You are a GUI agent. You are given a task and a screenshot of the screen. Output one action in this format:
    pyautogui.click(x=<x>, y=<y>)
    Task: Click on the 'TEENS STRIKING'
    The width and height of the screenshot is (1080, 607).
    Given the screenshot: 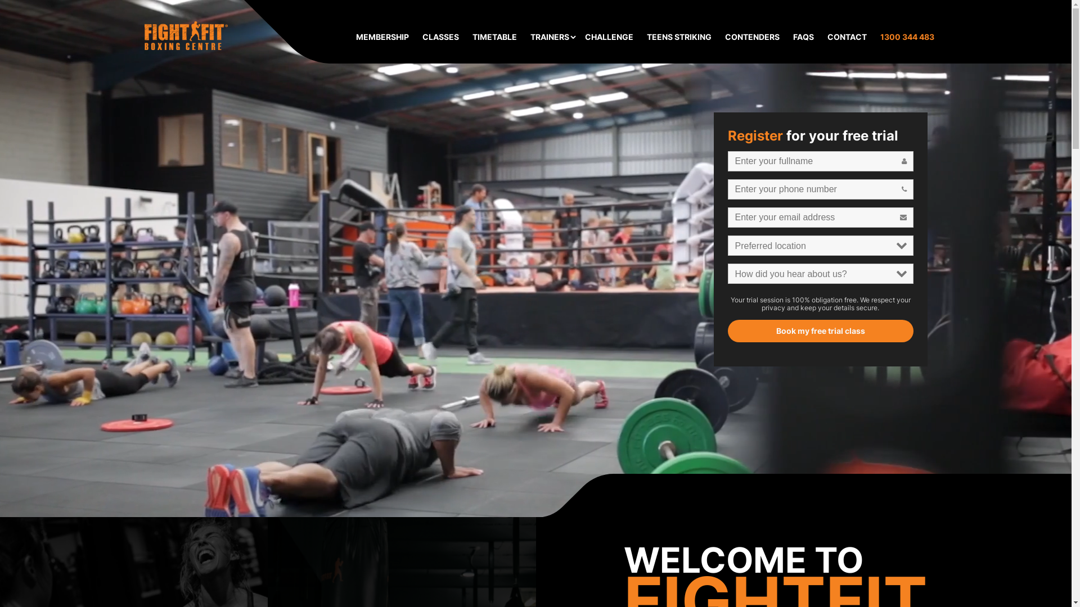 What is the action you would take?
    pyautogui.click(x=678, y=36)
    